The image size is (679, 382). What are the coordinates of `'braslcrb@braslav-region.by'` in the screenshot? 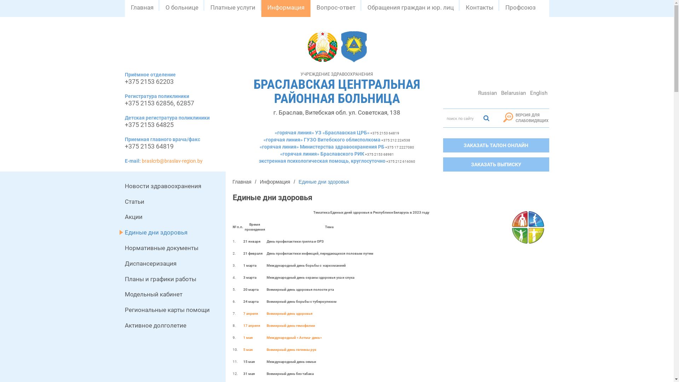 It's located at (172, 161).